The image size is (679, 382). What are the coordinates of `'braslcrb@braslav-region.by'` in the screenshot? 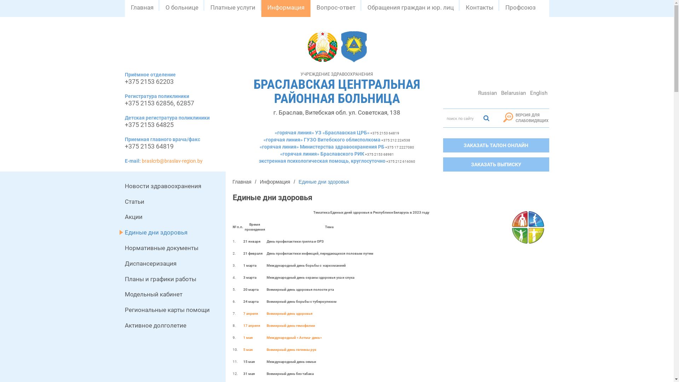 It's located at (172, 161).